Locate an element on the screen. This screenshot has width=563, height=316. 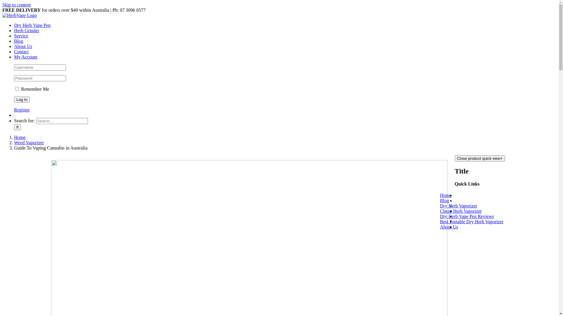
'Register' is located at coordinates (22, 110).